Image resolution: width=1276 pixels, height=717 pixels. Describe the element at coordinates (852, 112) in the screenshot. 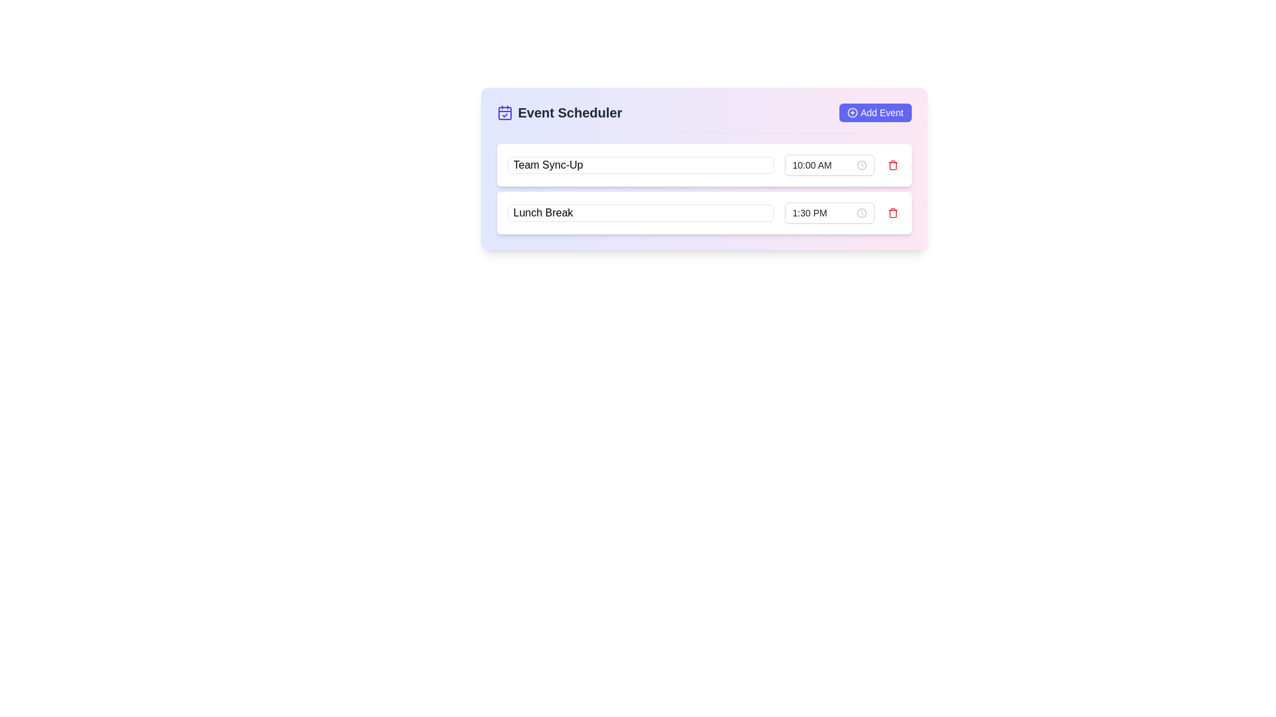

I see `the SVG Circle Component of the 'Add Event' button located in the top-right corner of the card interface` at that location.